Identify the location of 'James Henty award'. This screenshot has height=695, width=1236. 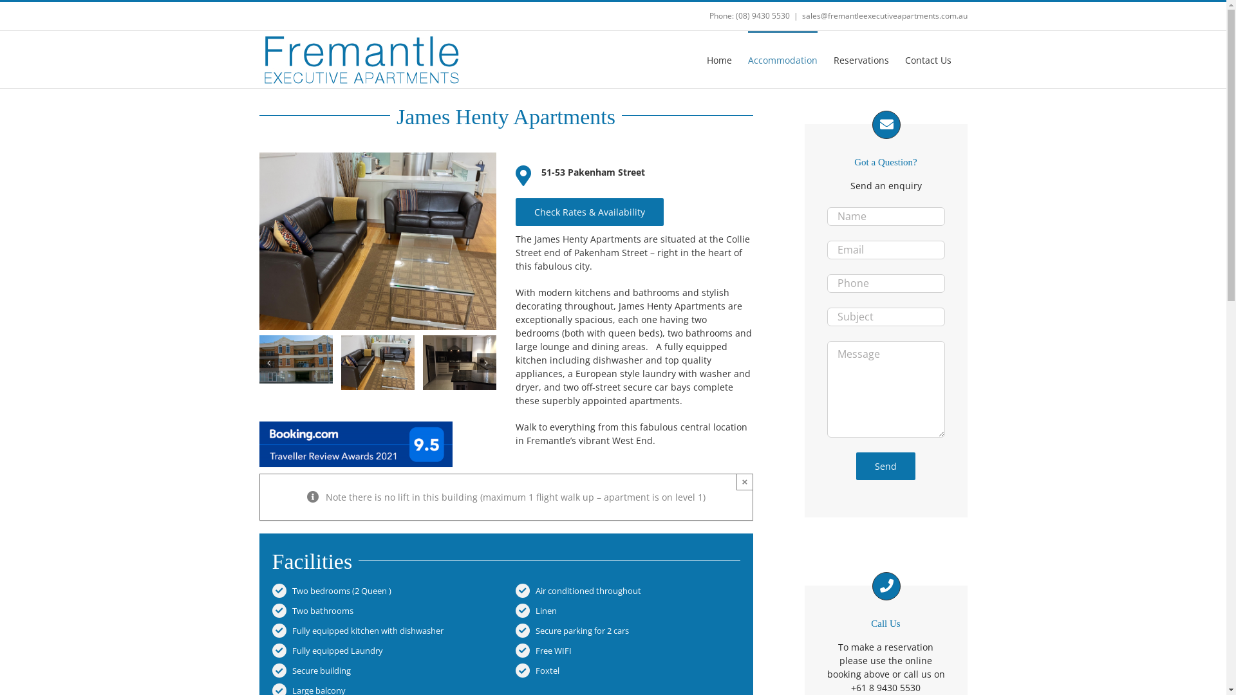
(355, 443).